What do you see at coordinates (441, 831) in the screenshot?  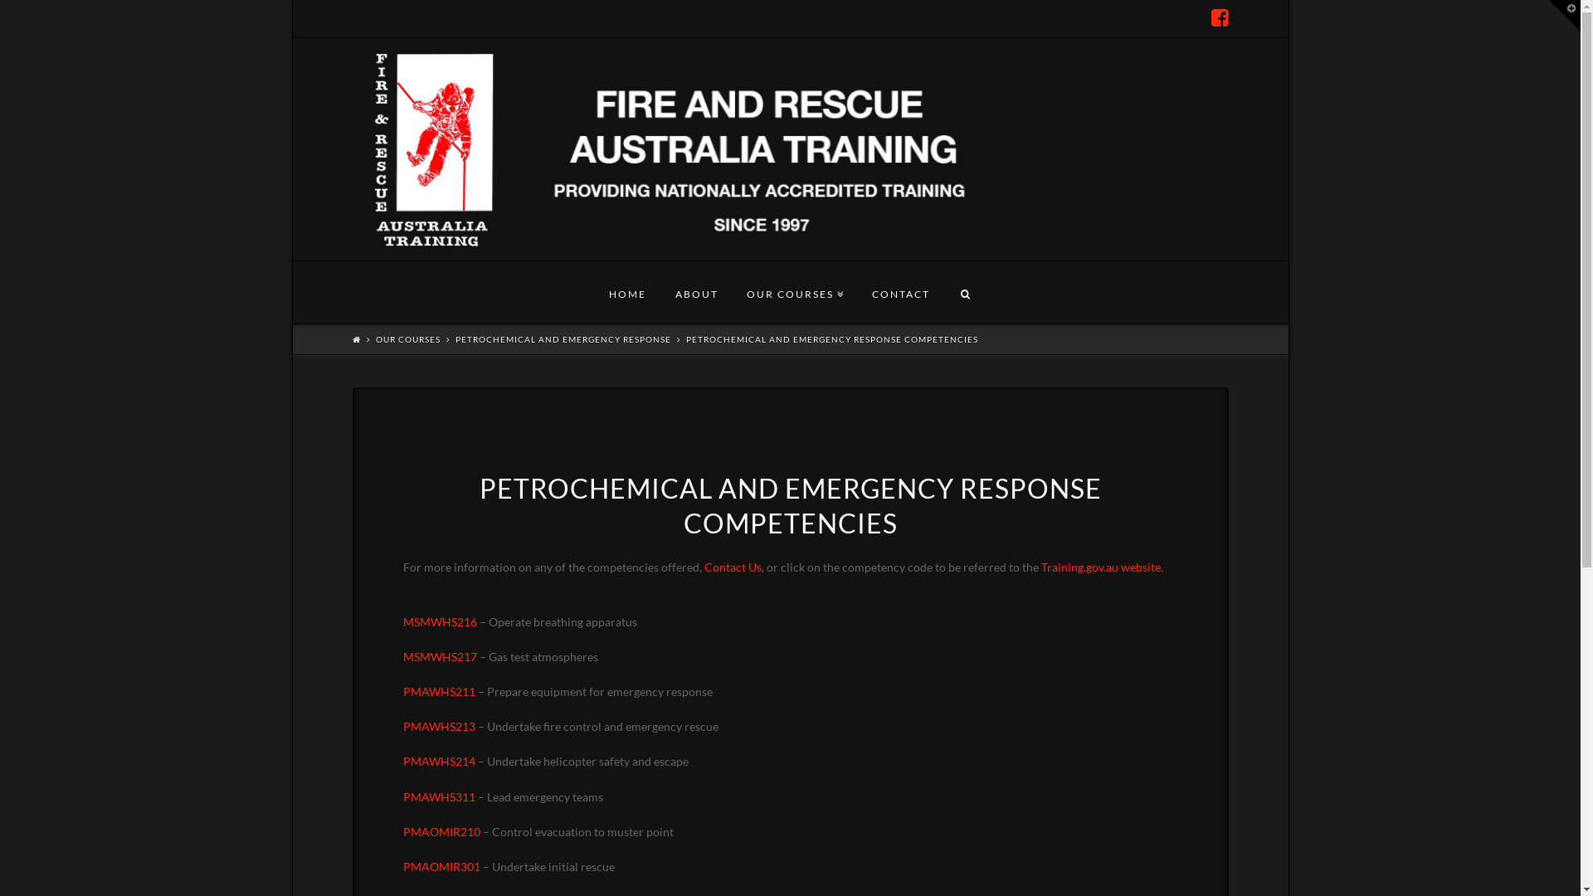 I see `'PMAOMIR210'` at bounding box center [441, 831].